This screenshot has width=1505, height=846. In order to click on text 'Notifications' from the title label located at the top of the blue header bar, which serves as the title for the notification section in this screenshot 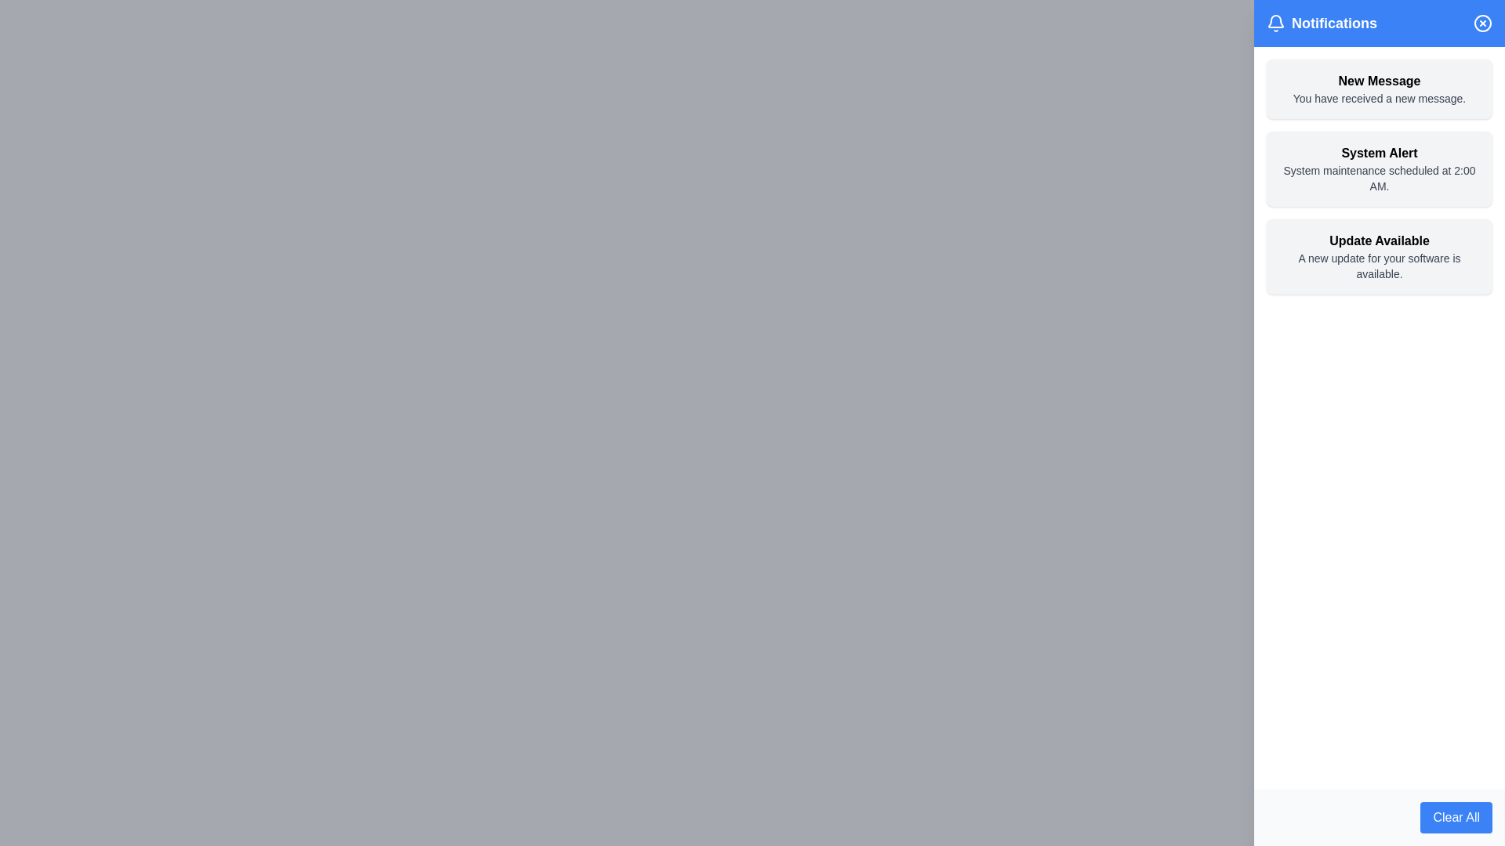, I will do `click(1321, 23)`.